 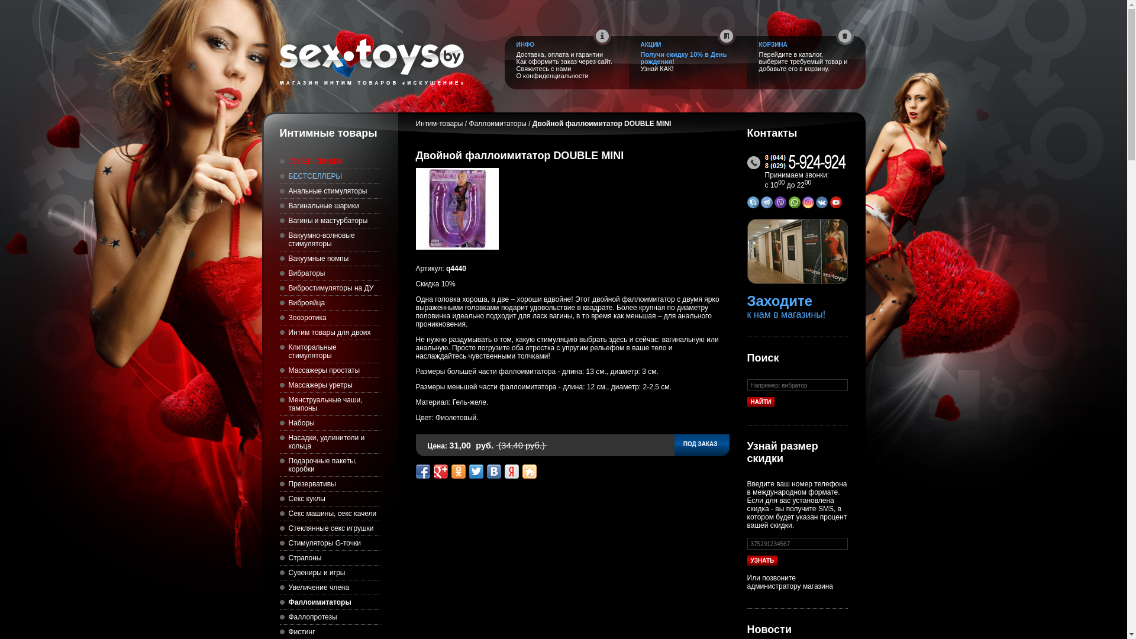 What do you see at coordinates (511, 471) in the screenshot?
I see `'Save to Yandex Bookmarks'` at bounding box center [511, 471].